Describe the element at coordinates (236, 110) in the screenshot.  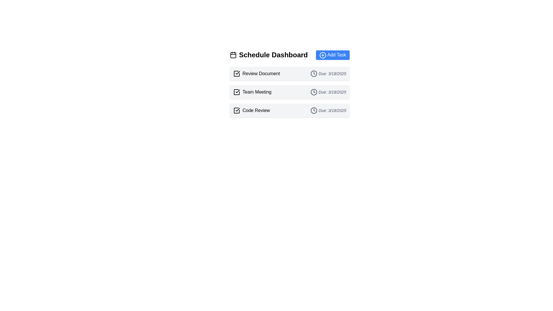
I see `the square-shaped icon with a checkmark inside it, styled with rounded corners, located at the far left of the 'Code Review' item in the list` at that location.